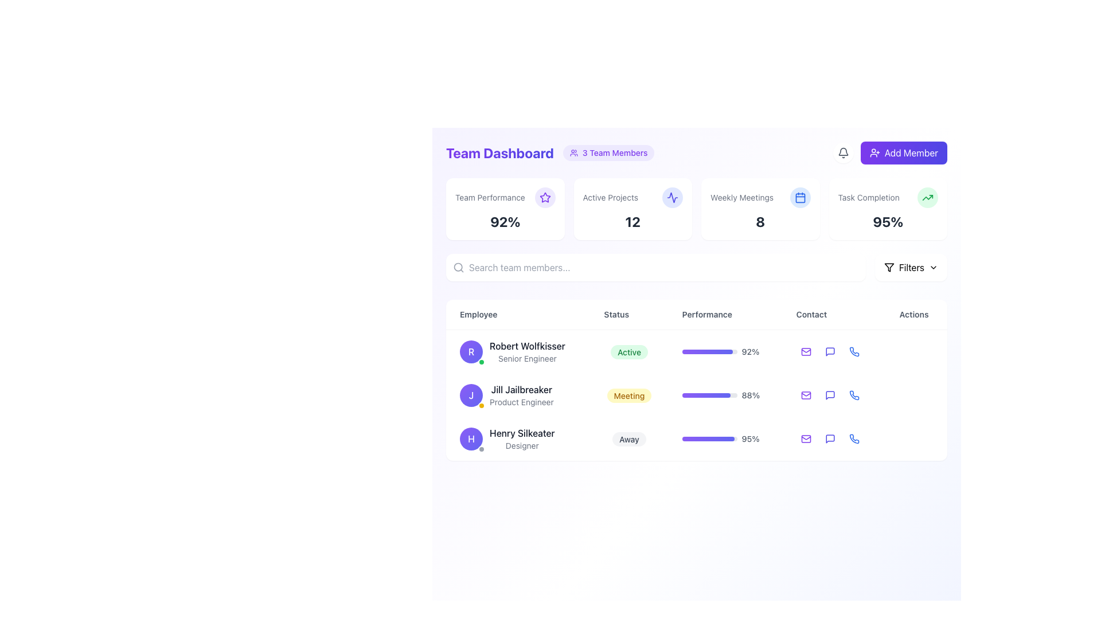  What do you see at coordinates (805, 351) in the screenshot?
I see `the mail envelope icon's body represented by the SVG rectangle graphic in the 'Contact' column for 'Robert Wolfkisser.'` at bounding box center [805, 351].